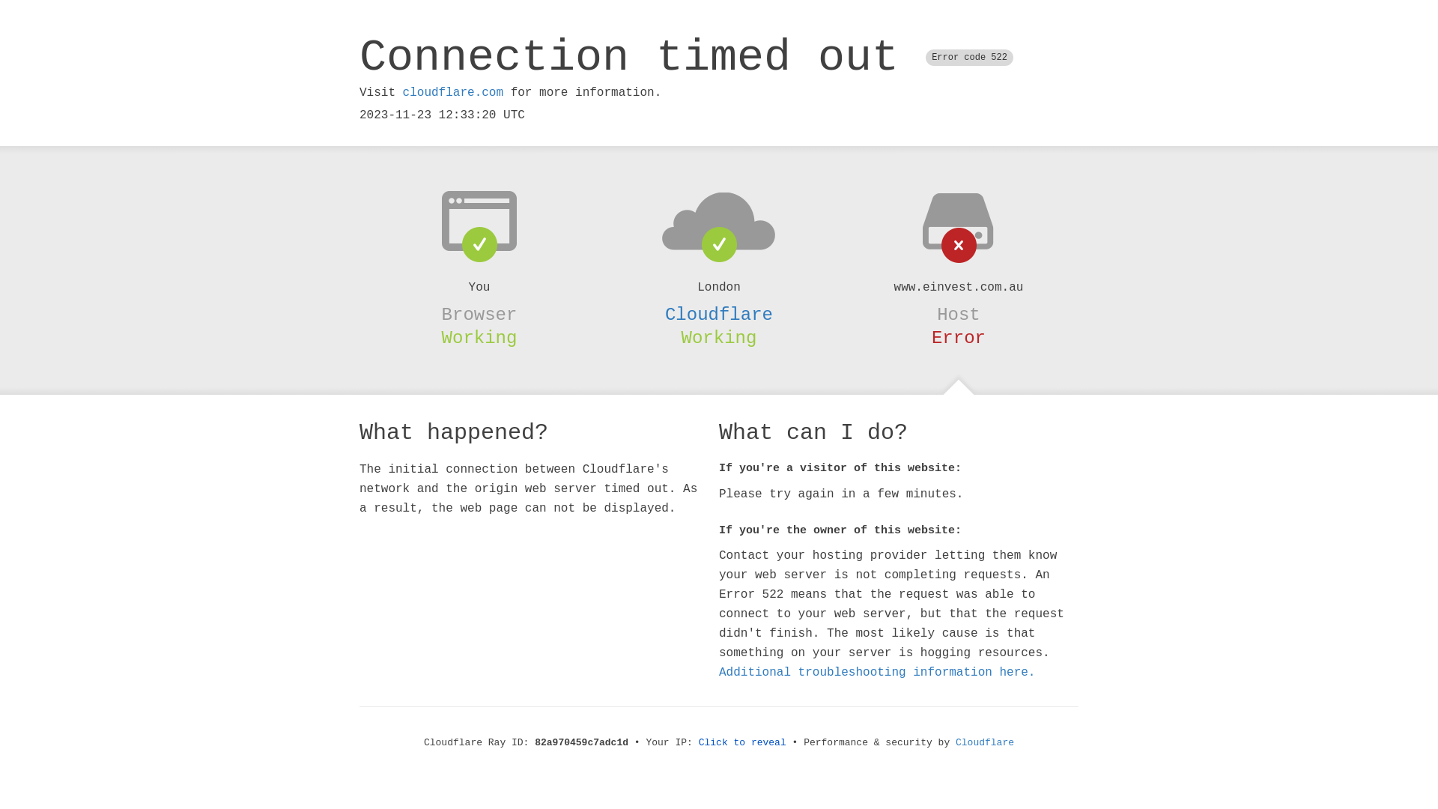  What do you see at coordinates (452, 92) in the screenshot?
I see `'cloudflare.com'` at bounding box center [452, 92].